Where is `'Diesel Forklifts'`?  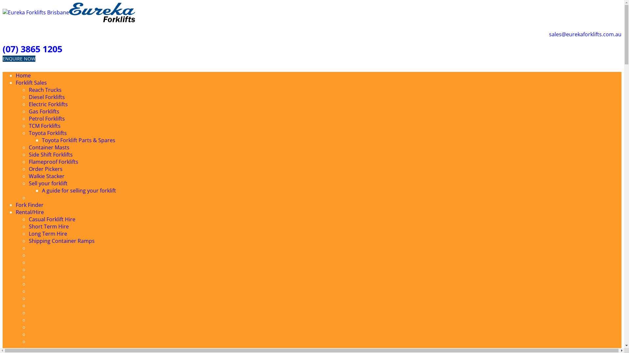 'Diesel Forklifts' is located at coordinates (47, 97).